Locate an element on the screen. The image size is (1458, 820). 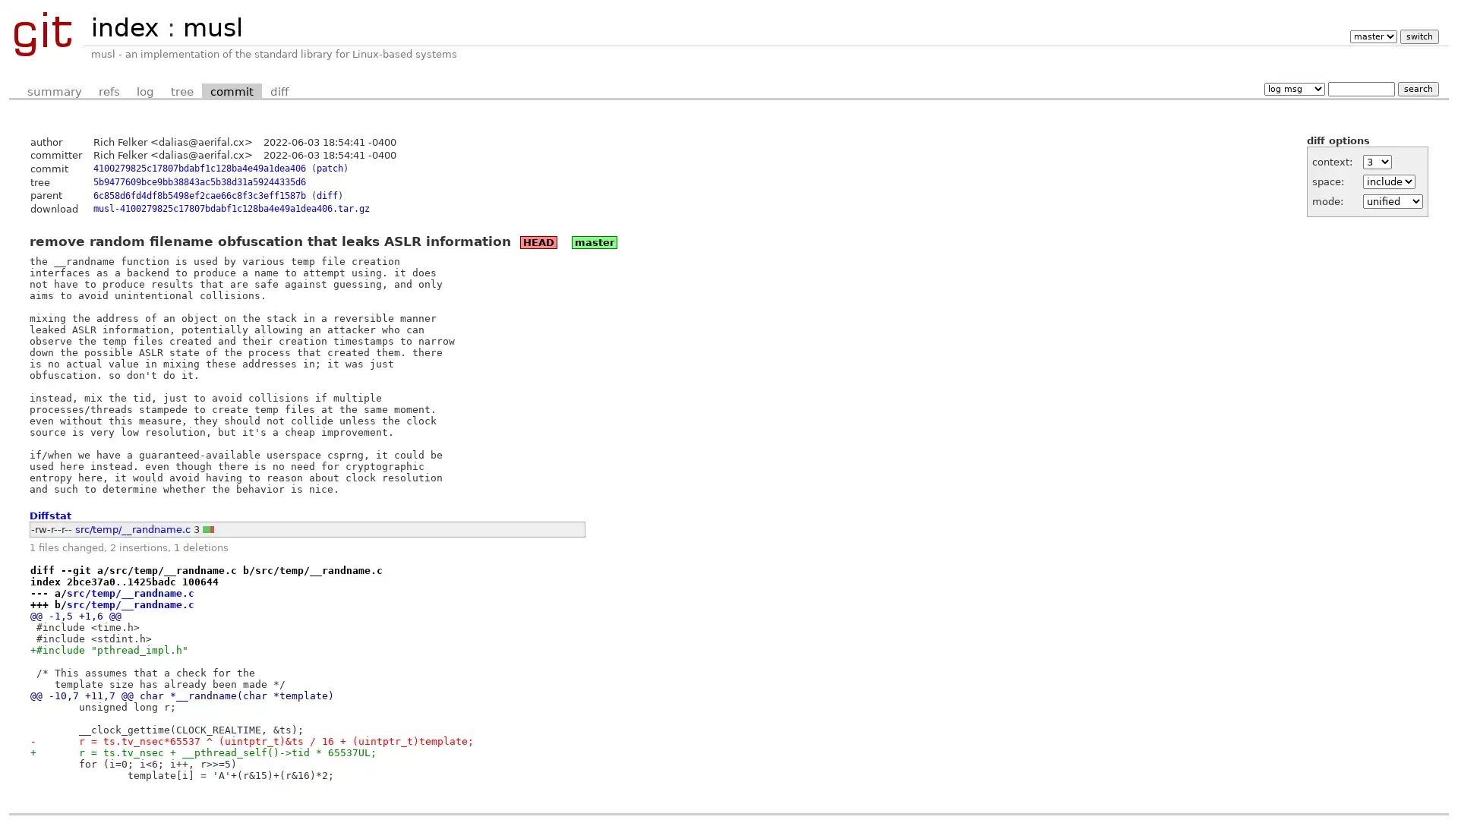
search is located at coordinates (1417, 88).